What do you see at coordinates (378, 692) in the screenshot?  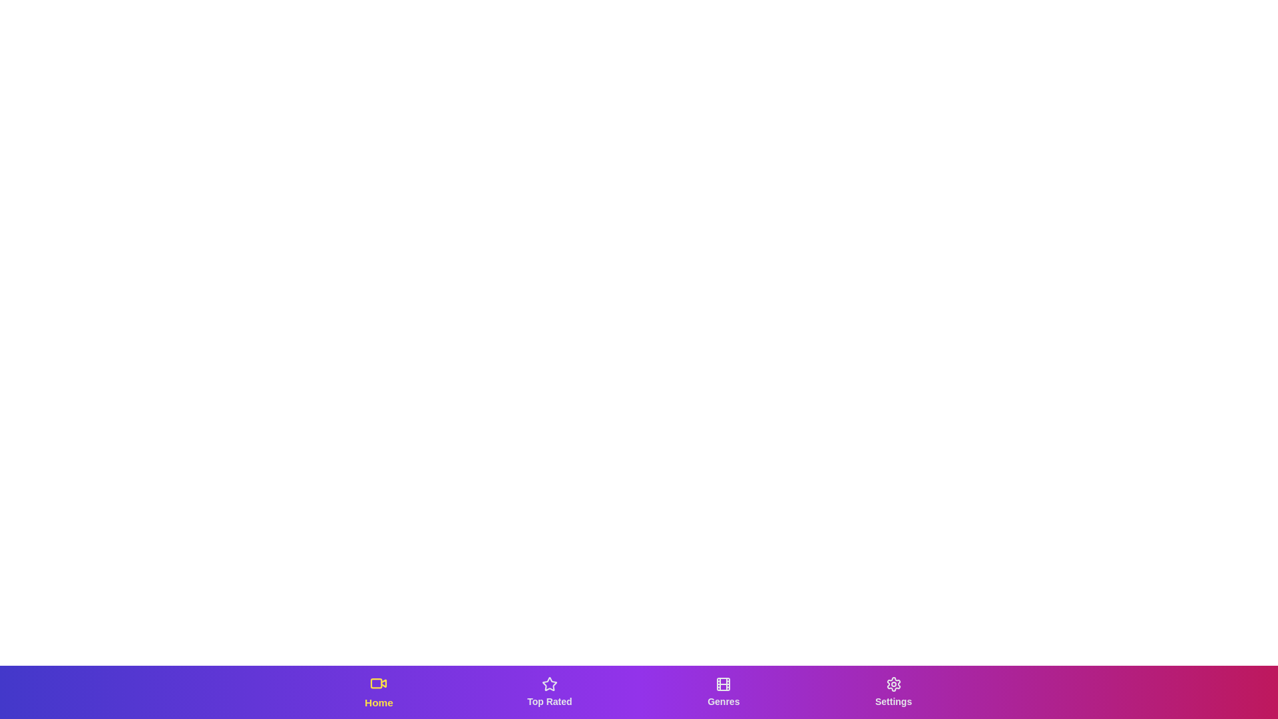 I see `the Home tab from the navigation bar` at bounding box center [378, 692].